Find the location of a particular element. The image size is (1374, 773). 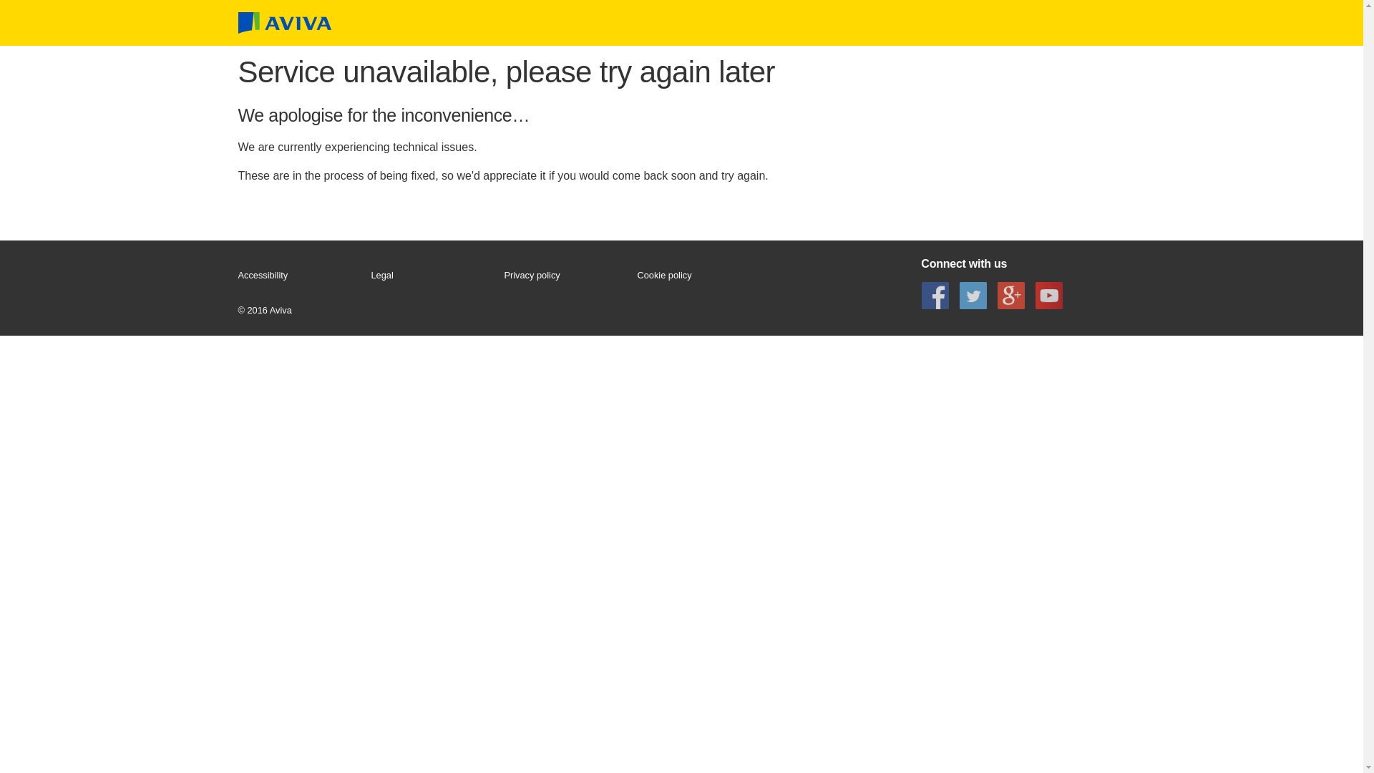

'Google+' is located at coordinates (1010, 294).